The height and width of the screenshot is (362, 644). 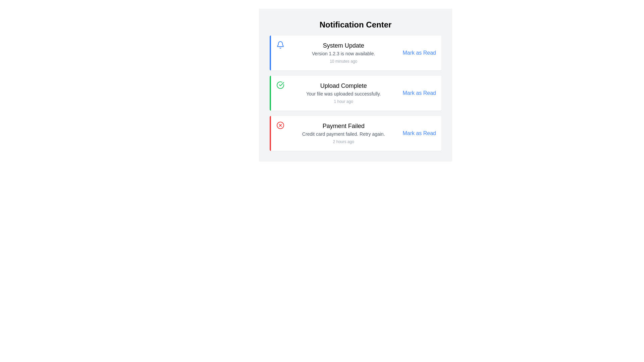 I want to click on failure message from the Text Label indicating that the credit card payment was unsuccessful, located in the bottom-most notification of the notification card titled 'Payment Failed.', so click(x=343, y=134).